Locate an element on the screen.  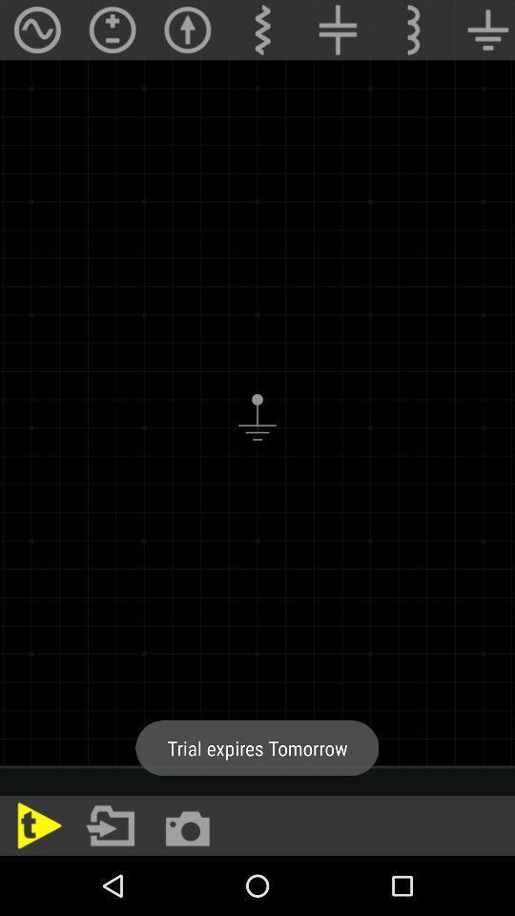
the folder icon is located at coordinates (113, 884).